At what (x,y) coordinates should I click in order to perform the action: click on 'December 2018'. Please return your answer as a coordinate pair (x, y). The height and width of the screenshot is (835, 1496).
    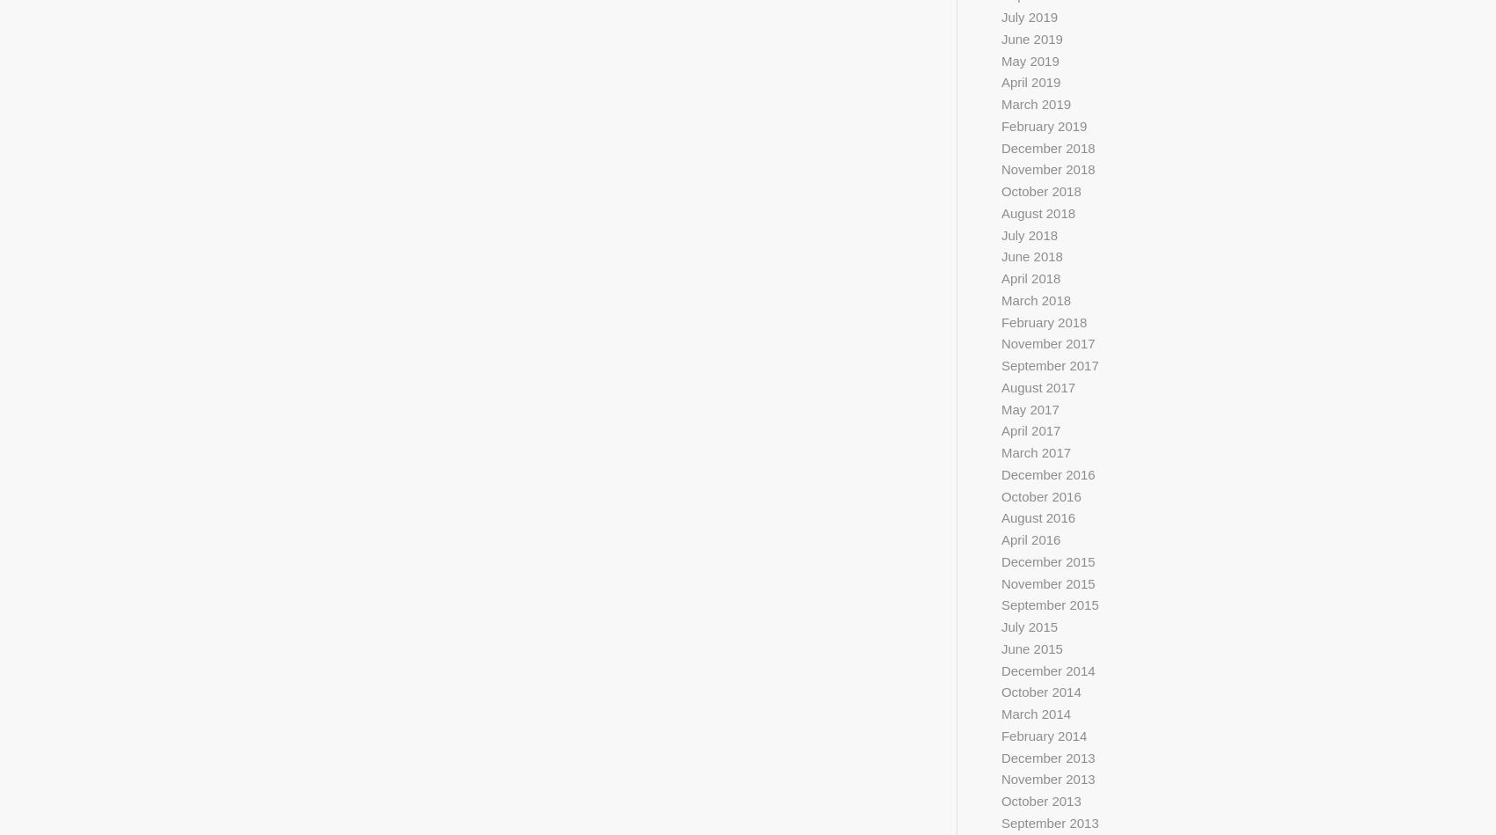
    Looking at the image, I should click on (1000, 146).